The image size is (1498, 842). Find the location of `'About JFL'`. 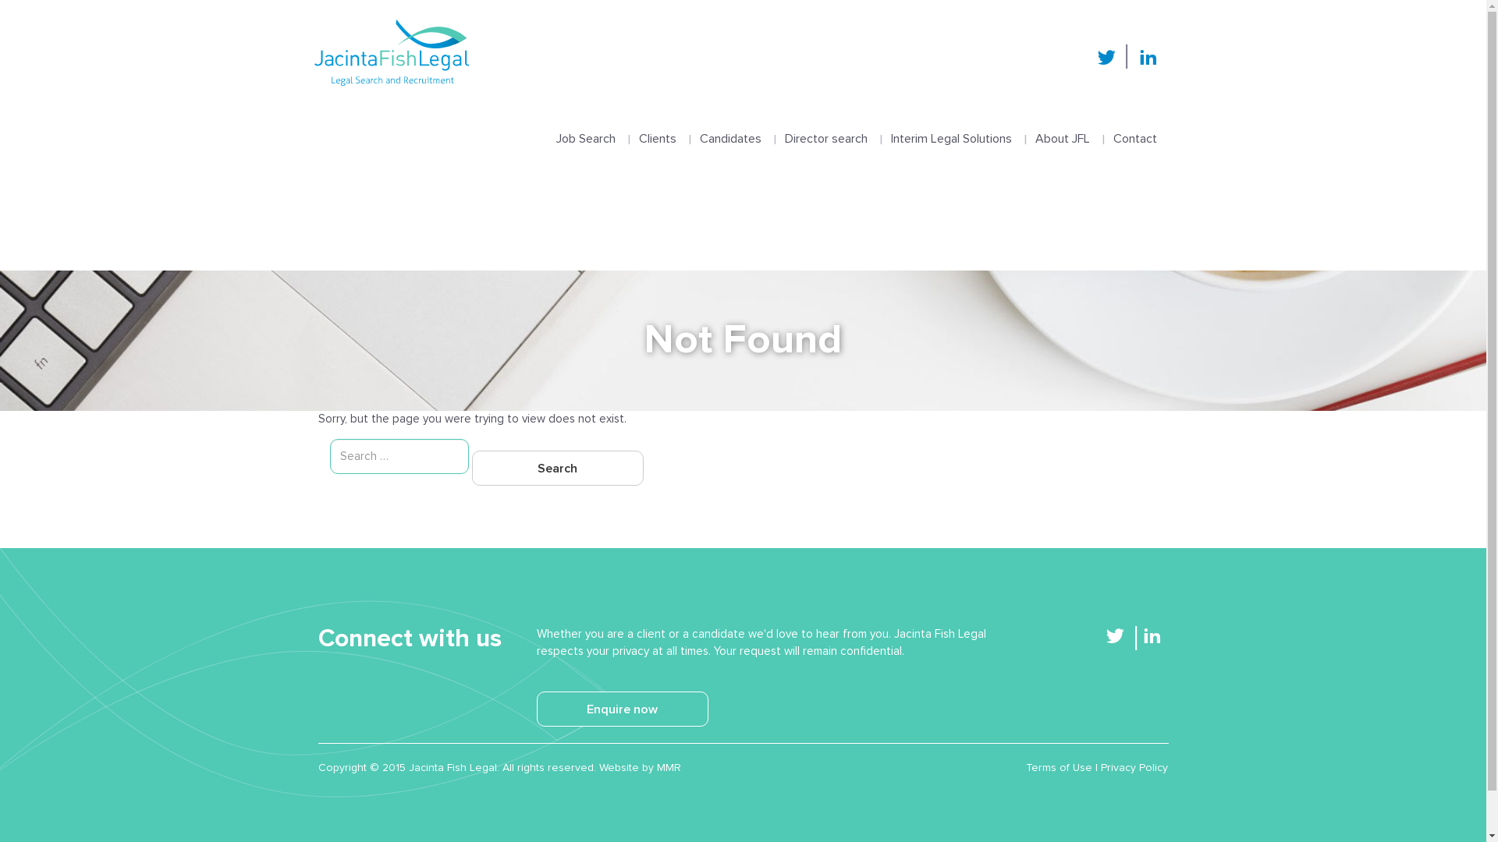

'About JFL' is located at coordinates (1062, 122).